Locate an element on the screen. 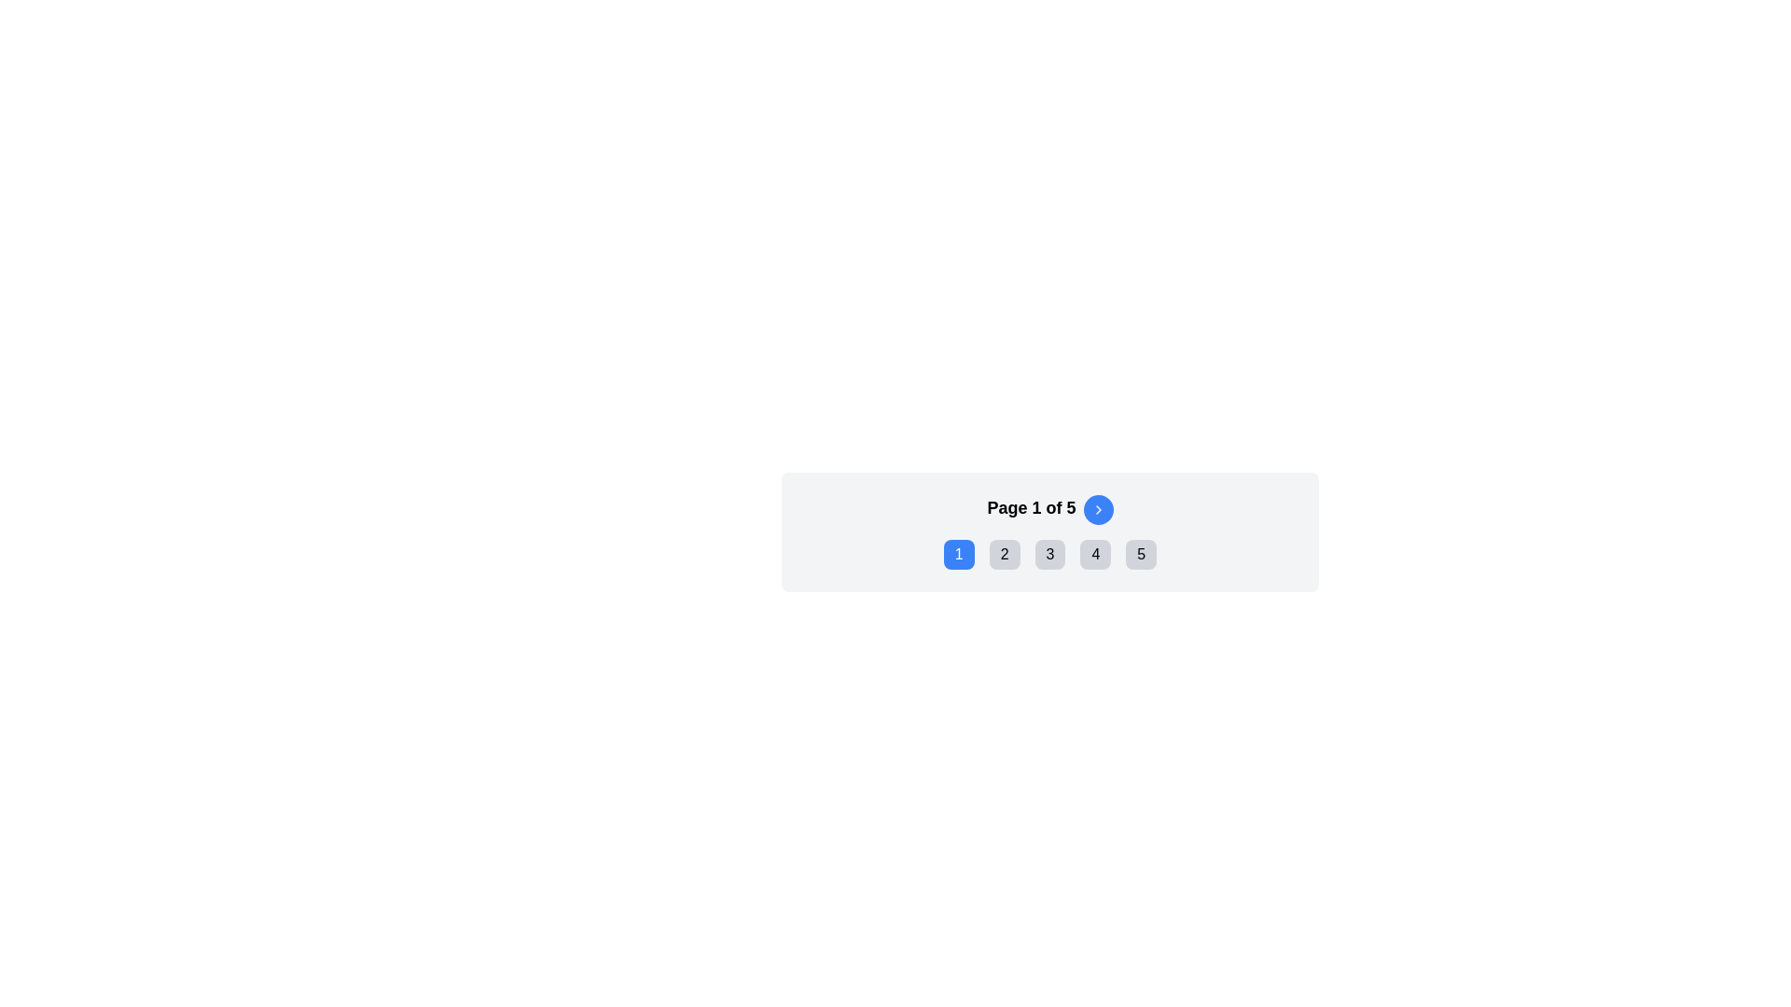 The image size is (1791, 1007). the second button in the pagination bar displaying the number '2' is located at coordinates (1004, 553).